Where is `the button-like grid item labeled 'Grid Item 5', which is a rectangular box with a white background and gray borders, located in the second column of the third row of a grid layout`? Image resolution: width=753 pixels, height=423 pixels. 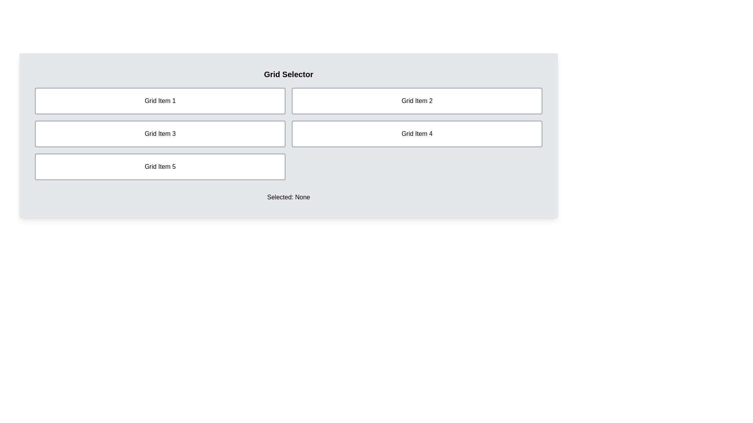
the button-like grid item labeled 'Grid Item 5', which is a rectangular box with a white background and gray borders, located in the second column of the third row of a grid layout is located at coordinates (160, 166).